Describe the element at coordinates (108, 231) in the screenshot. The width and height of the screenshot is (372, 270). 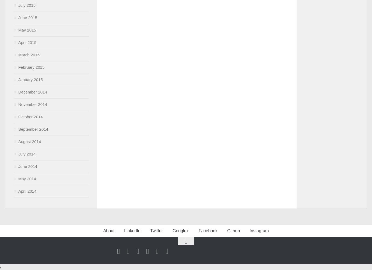
I see `'About'` at that location.